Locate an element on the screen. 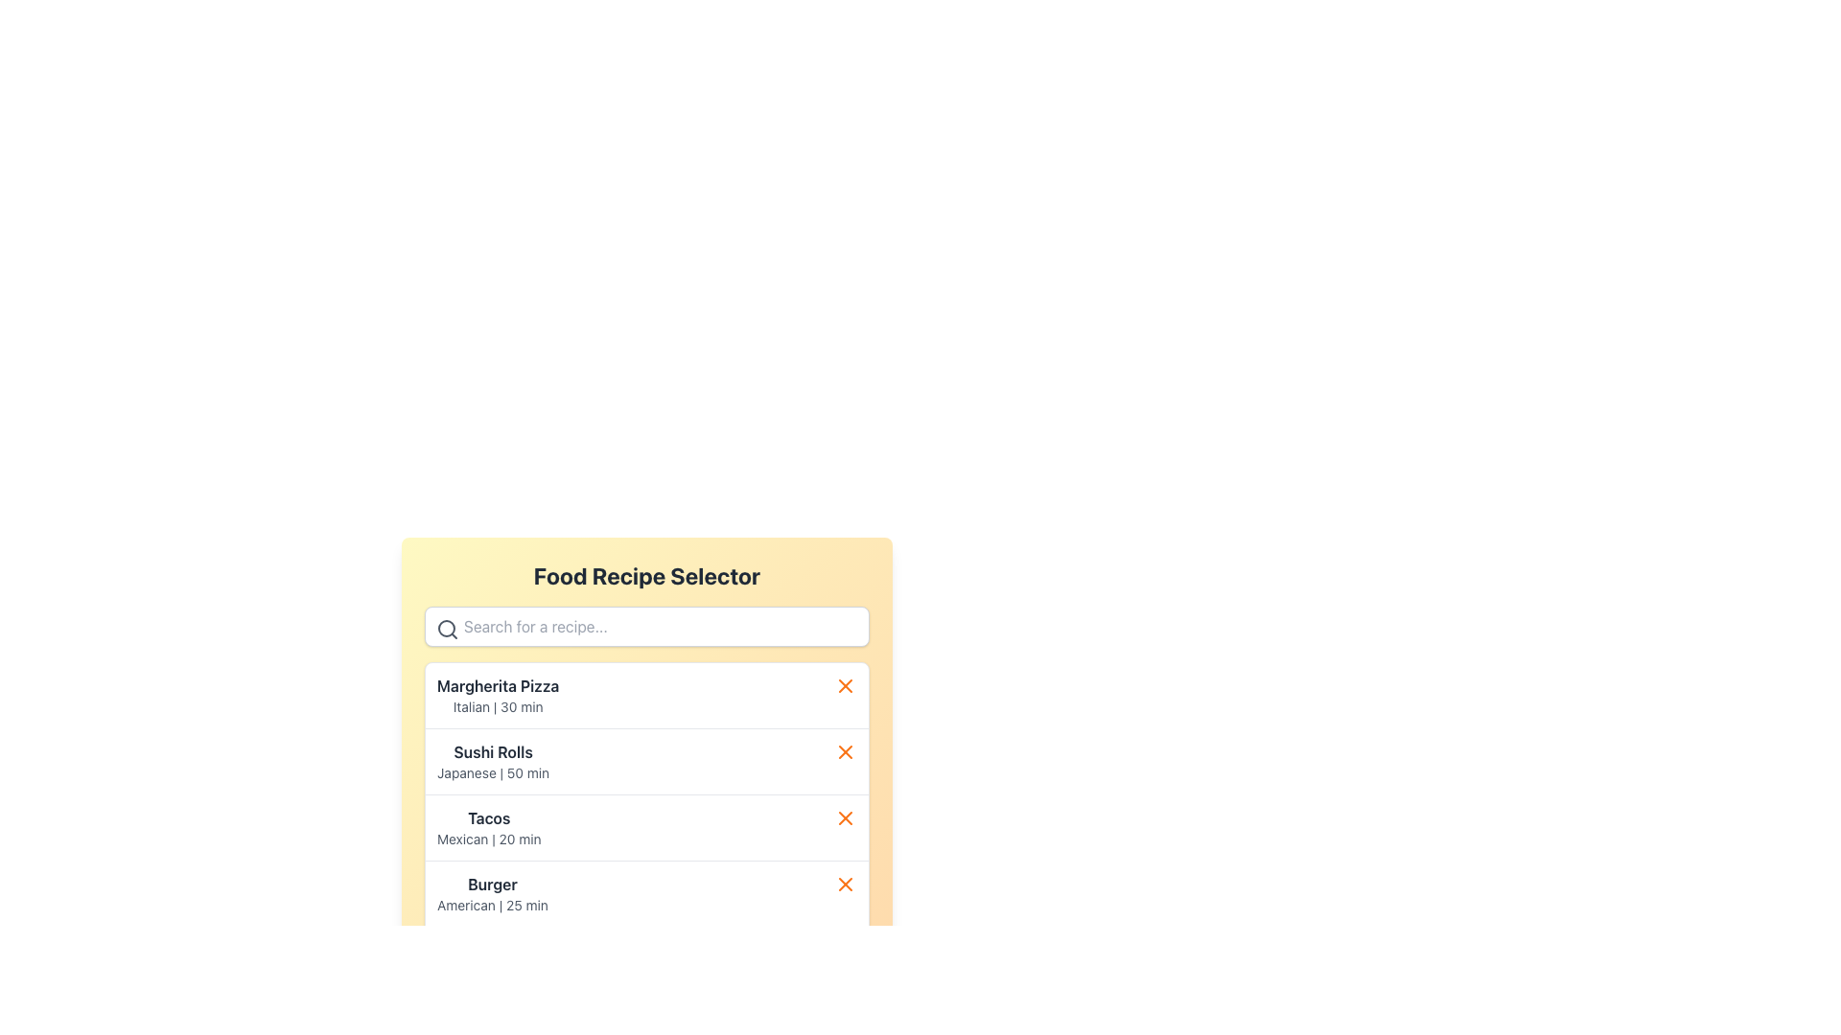 The image size is (1841, 1035). the subtitle text label displaying 'American | 25 min', which is located beneath the 'Burger' label in the lower section of the interface is located at coordinates (492, 906).